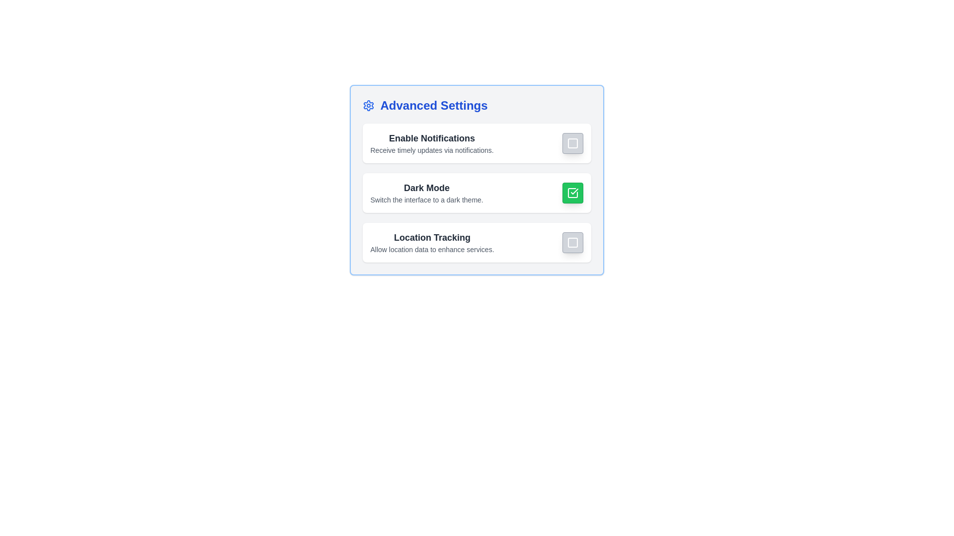 The width and height of the screenshot is (954, 536). I want to click on the toggle in the Switchable setting panel to change the dark mode feature's state, which is the second item in the settings options within the 'Advanced Settings' panel, so click(476, 193).